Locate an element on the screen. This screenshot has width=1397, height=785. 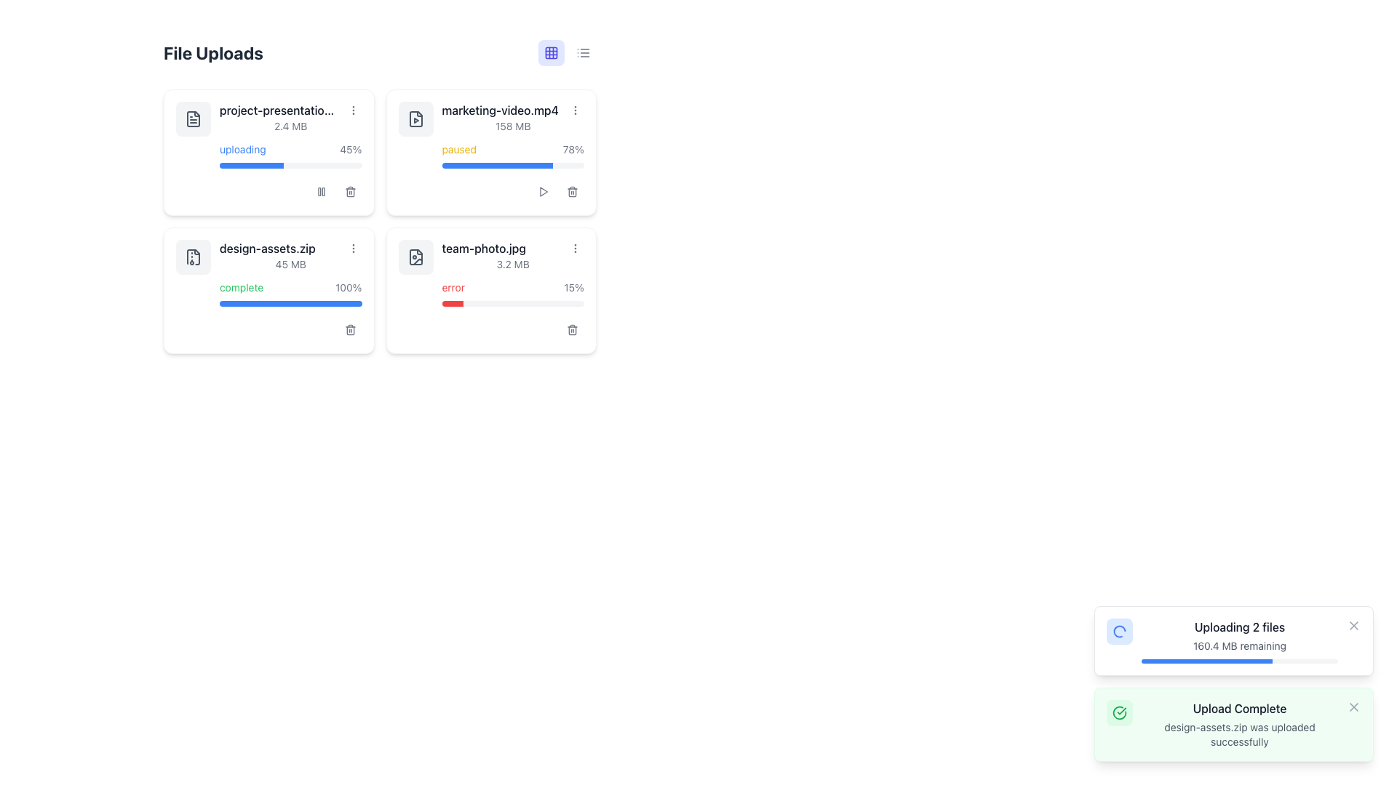
the close icon located in the top-right corner of the status notification panel is located at coordinates (1353, 624).